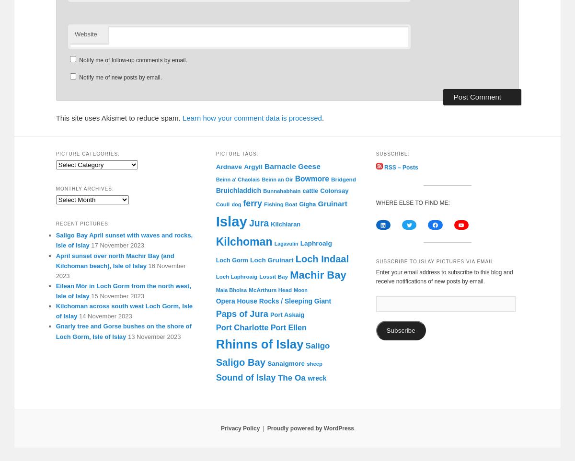  Describe the element at coordinates (216, 179) in the screenshot. I see `'Beinn a' Chaolais'` at that location.